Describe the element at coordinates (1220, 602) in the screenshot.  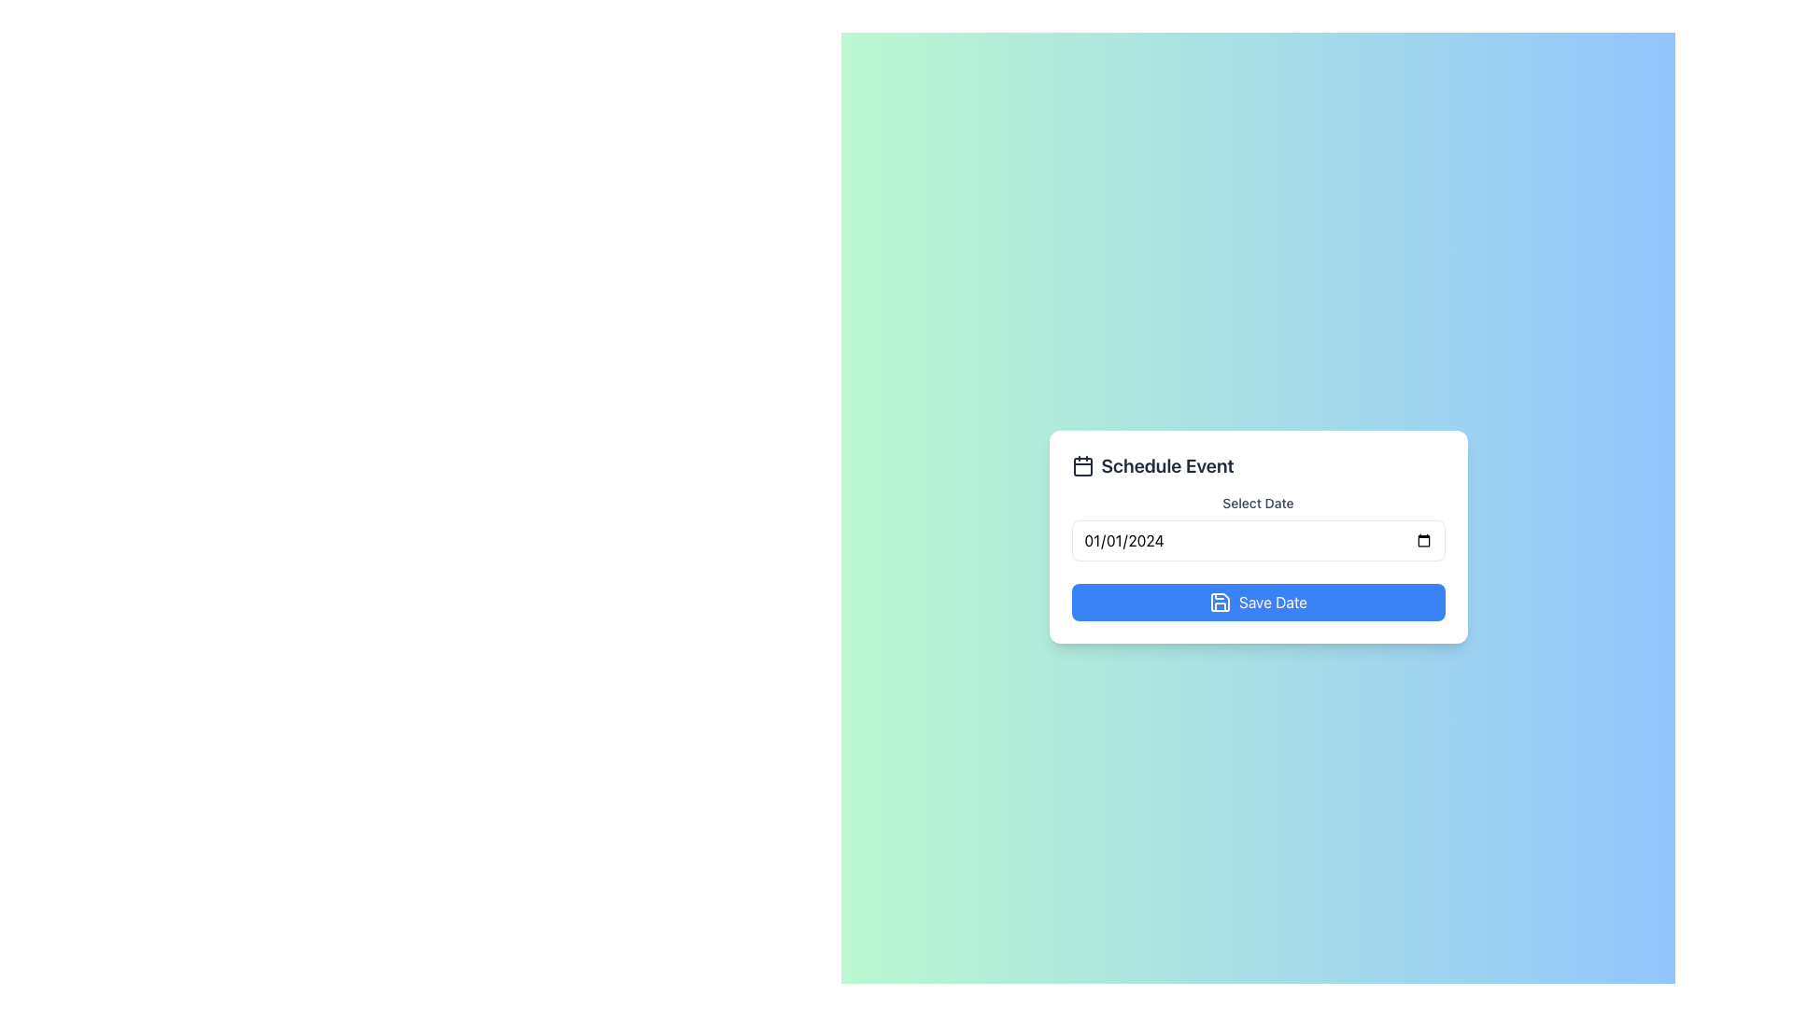
I see `the save icon, which is part of the 'Save Date' button styled with a blue background and white text, located centrally within the card interface` at that location.